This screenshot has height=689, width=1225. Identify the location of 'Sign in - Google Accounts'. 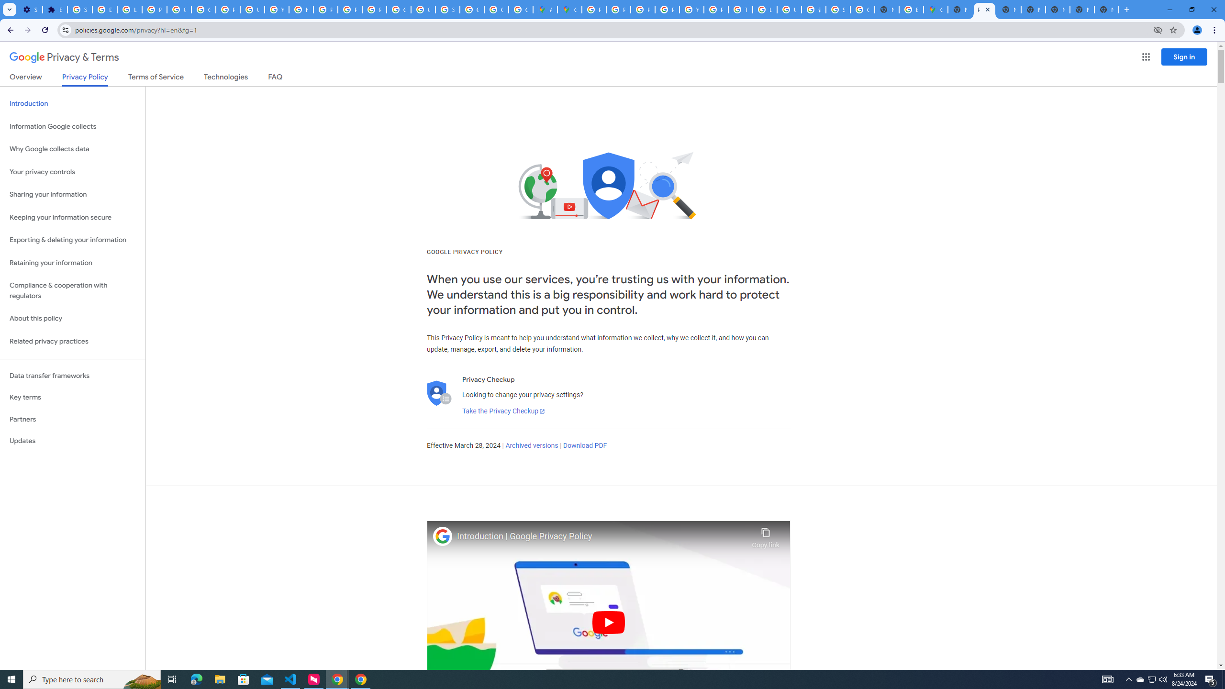
(80, 9).